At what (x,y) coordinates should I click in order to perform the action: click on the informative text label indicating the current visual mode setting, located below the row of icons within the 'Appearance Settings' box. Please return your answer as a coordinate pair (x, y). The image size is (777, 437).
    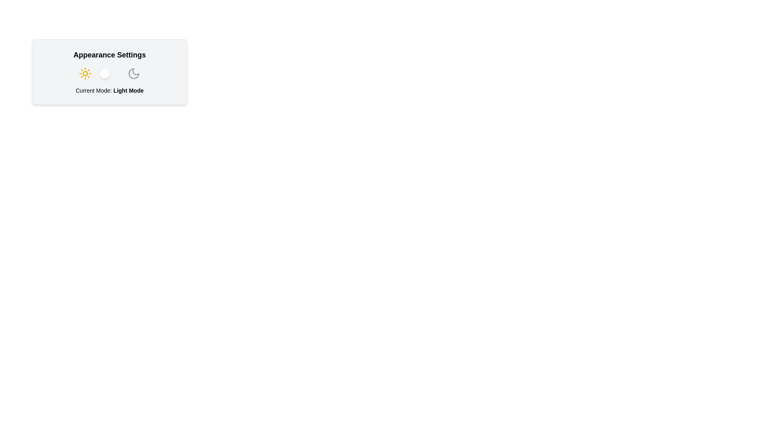
    Looking at the image, I should click on (109, 90).